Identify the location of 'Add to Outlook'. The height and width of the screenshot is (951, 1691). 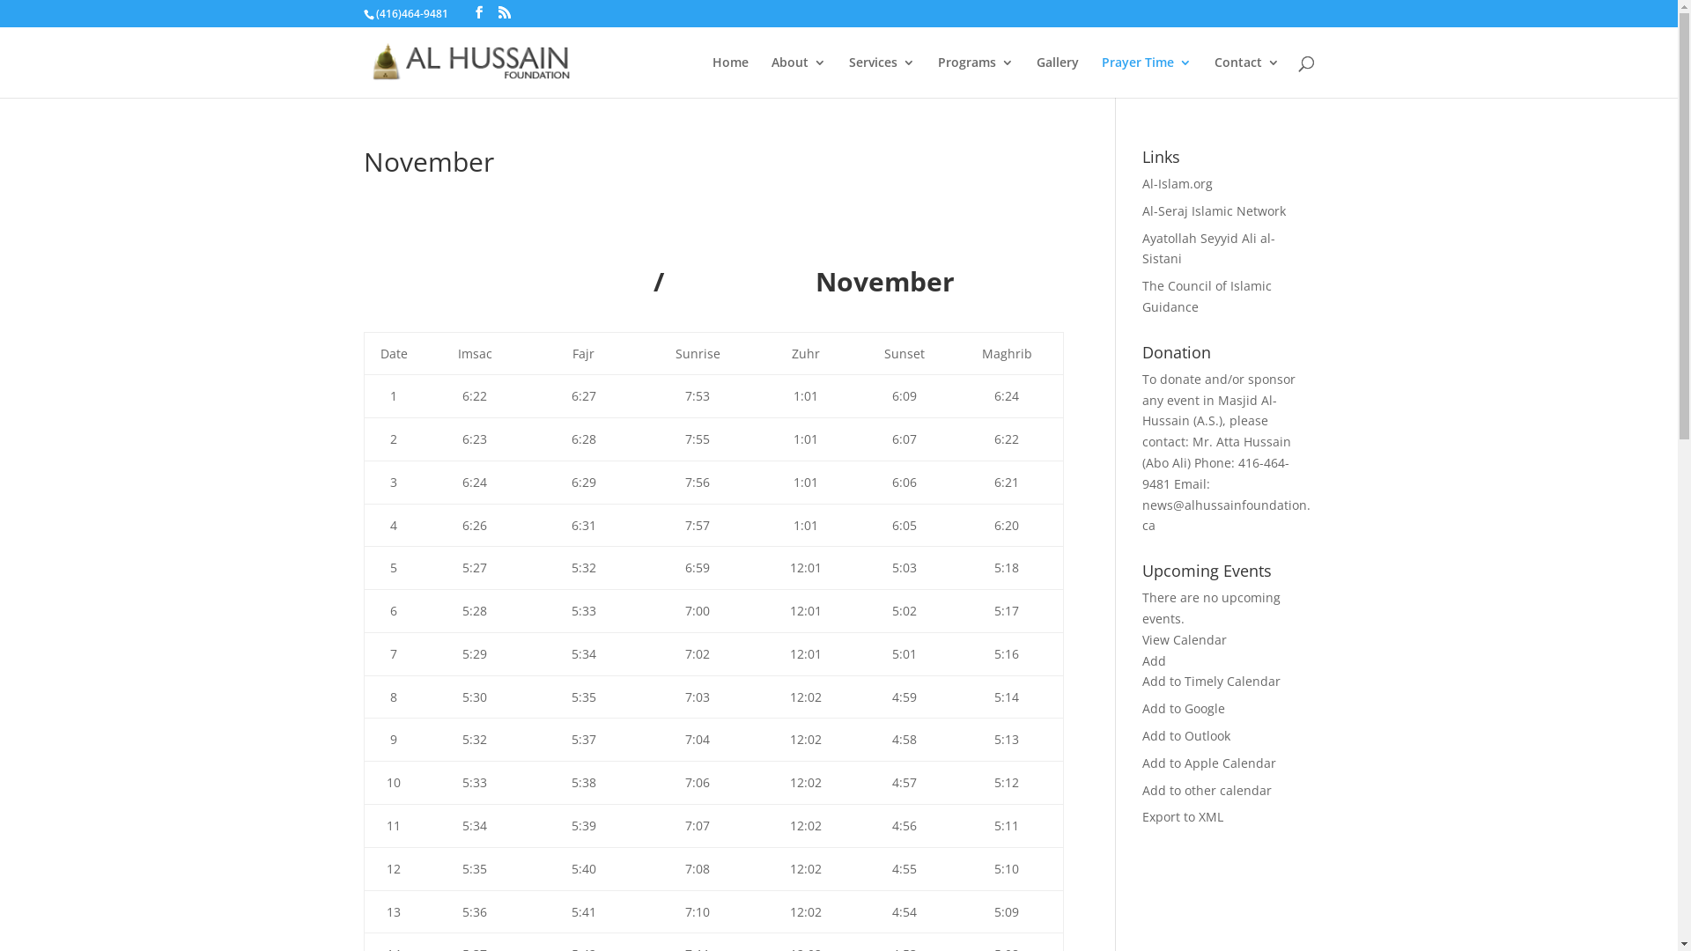
(1186, 735).